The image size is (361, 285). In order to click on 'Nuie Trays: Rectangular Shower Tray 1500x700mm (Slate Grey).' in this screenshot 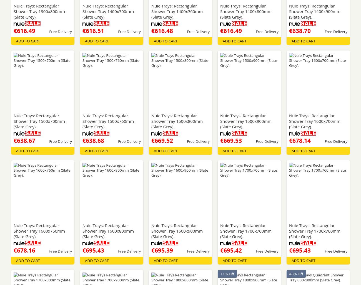, I will do `click(39, 121)`.